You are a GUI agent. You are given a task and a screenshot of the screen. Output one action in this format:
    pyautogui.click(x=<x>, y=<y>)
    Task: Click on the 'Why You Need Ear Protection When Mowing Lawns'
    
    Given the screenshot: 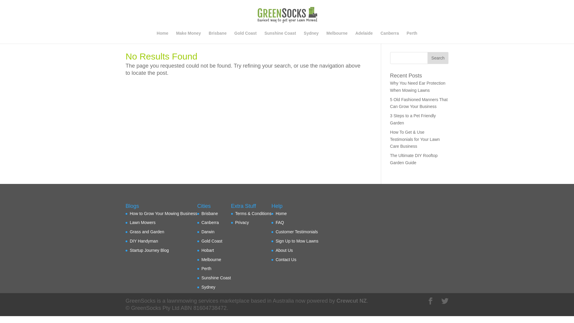 What is the action you would take?
    pyautogui.click(x=417, y=86)
    